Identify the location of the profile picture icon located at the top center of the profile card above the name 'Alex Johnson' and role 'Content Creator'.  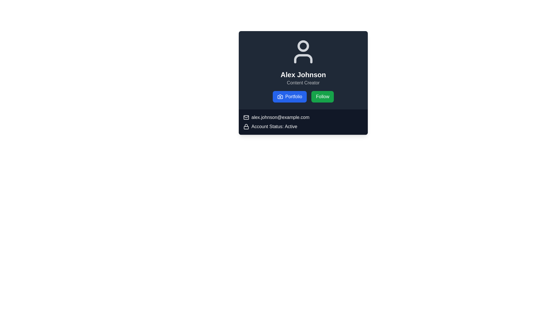
(303, 52).